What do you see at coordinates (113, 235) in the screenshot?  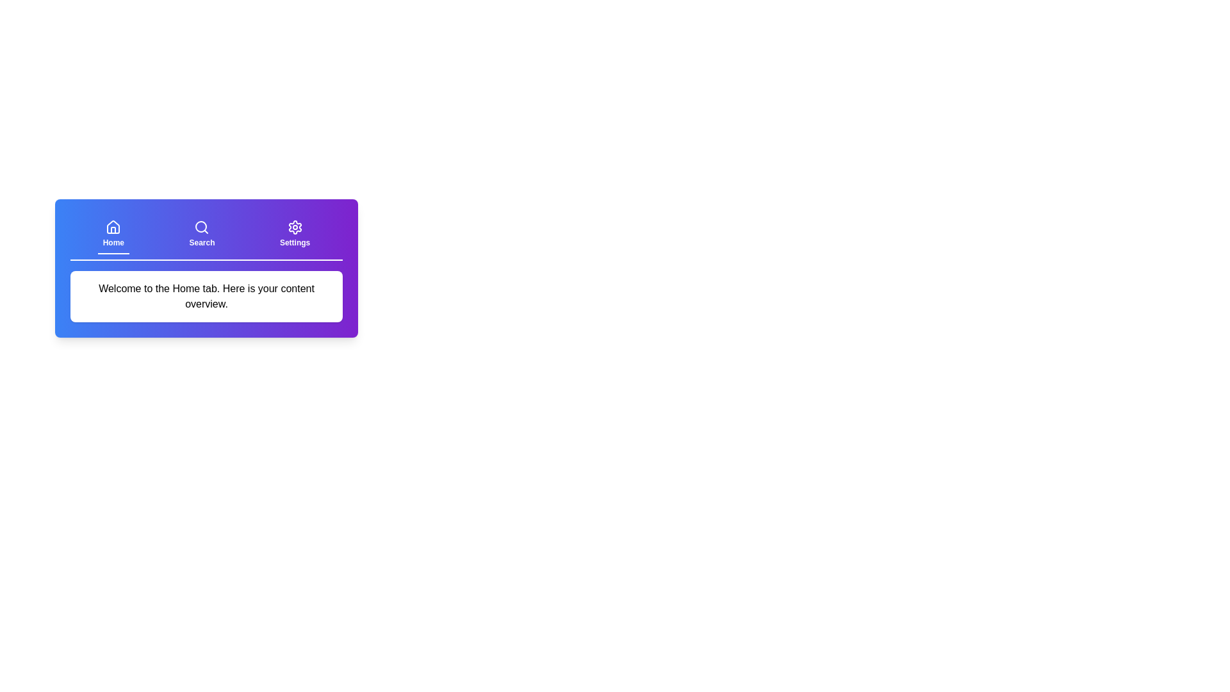 I see `the tab labeled Home to switch to the respective tab` at bounding box center [113, 235].